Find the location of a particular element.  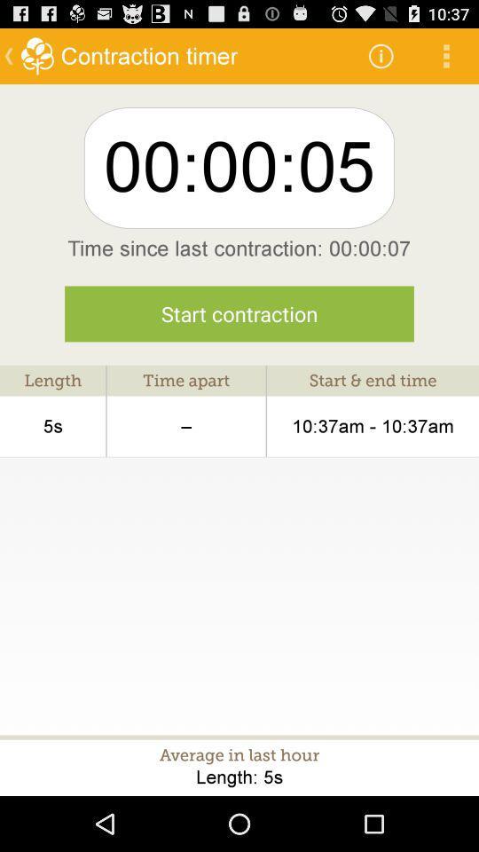

item above the length icon is located at coordinates (239, 313).